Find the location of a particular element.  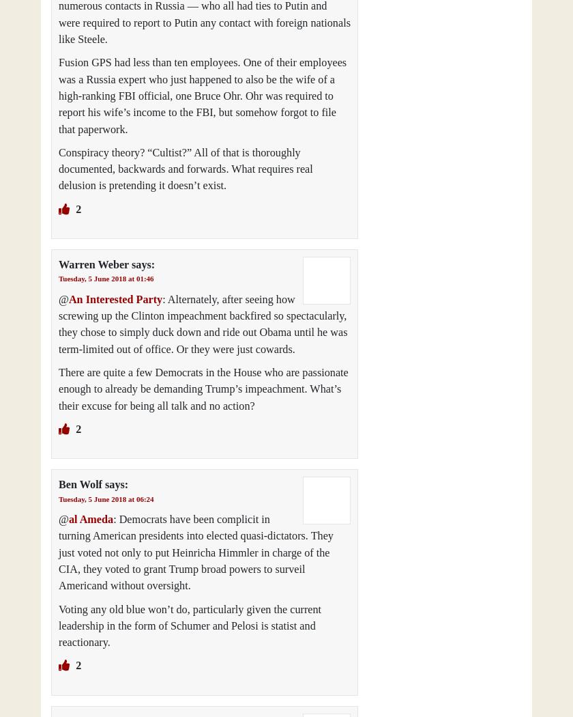

'Conspiracy theory? “Cultist?” All of that is thoroughly documented, backwards and forwards. What requires real delusion is pretending it doesn’t exist.' is located at coordinates (185, 169).